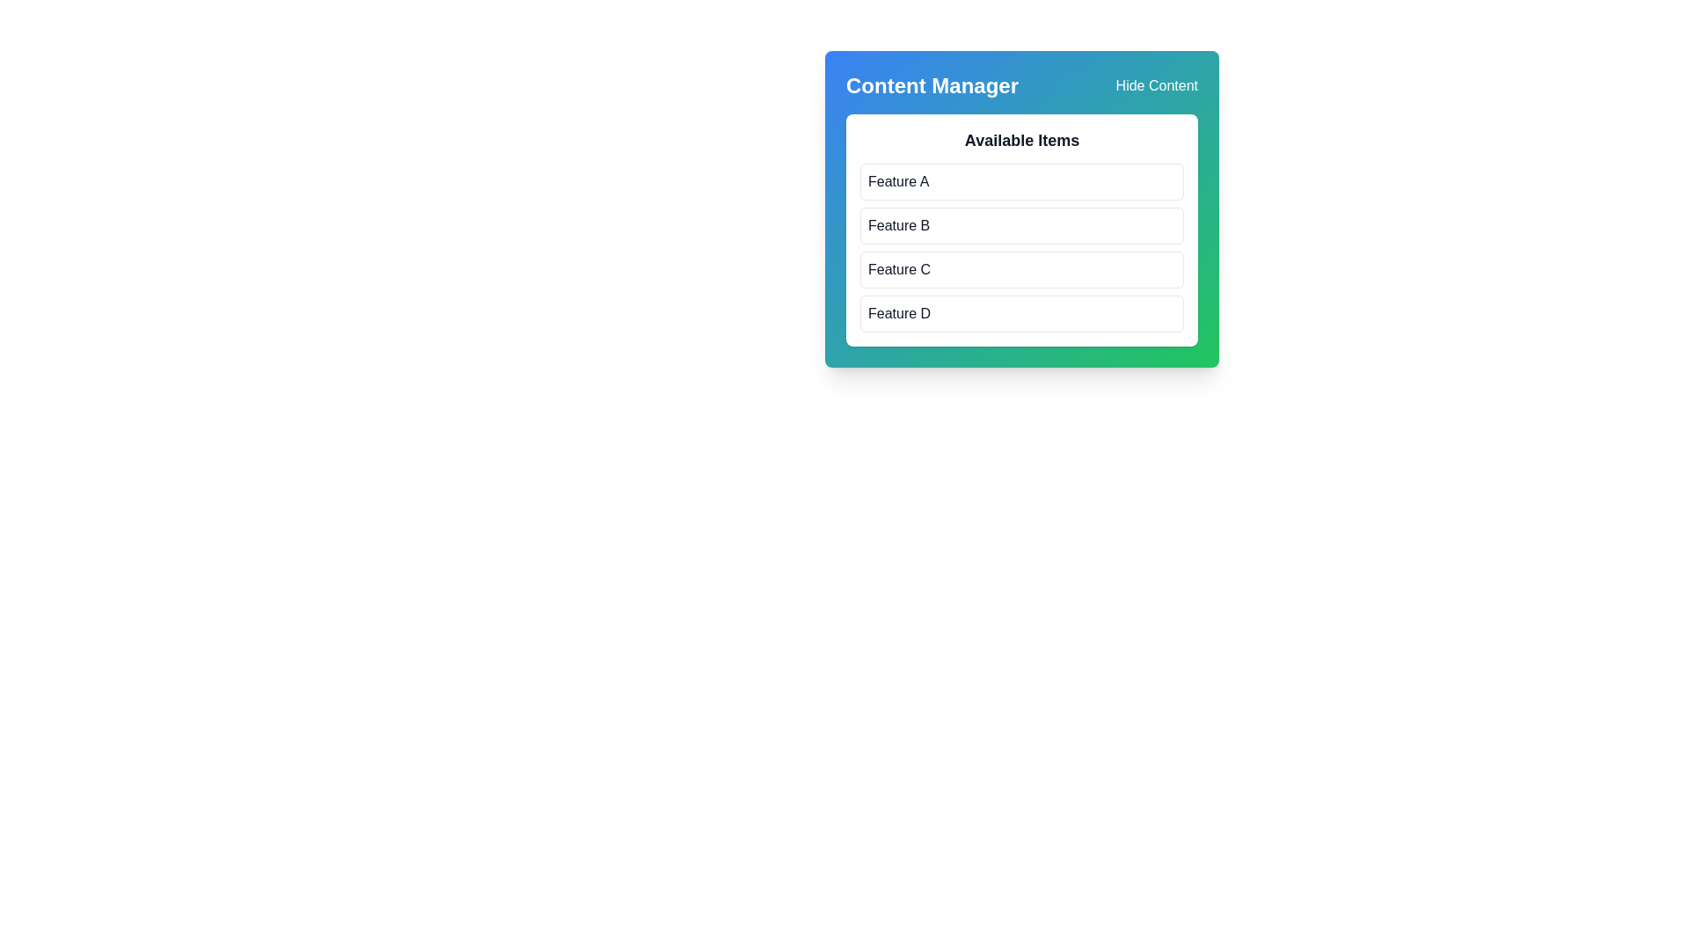 The height and width of the screenshot is (950, 1689). I want to click on the item in the vertical list of selectable items labeled 'Feature A', 'Feature B', 'Feature C', or 'Feature D', so click(1021, 247).